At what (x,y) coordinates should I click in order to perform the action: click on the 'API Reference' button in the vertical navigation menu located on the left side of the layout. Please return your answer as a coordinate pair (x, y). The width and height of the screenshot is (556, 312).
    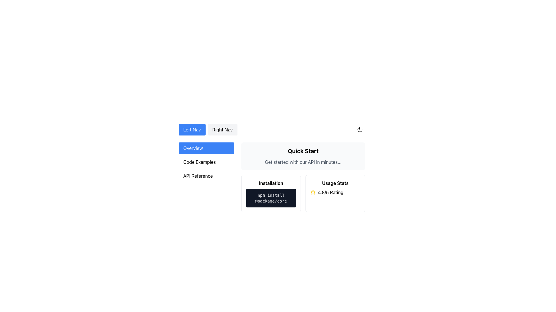
    Looking at the image, I should click on (206, 177).